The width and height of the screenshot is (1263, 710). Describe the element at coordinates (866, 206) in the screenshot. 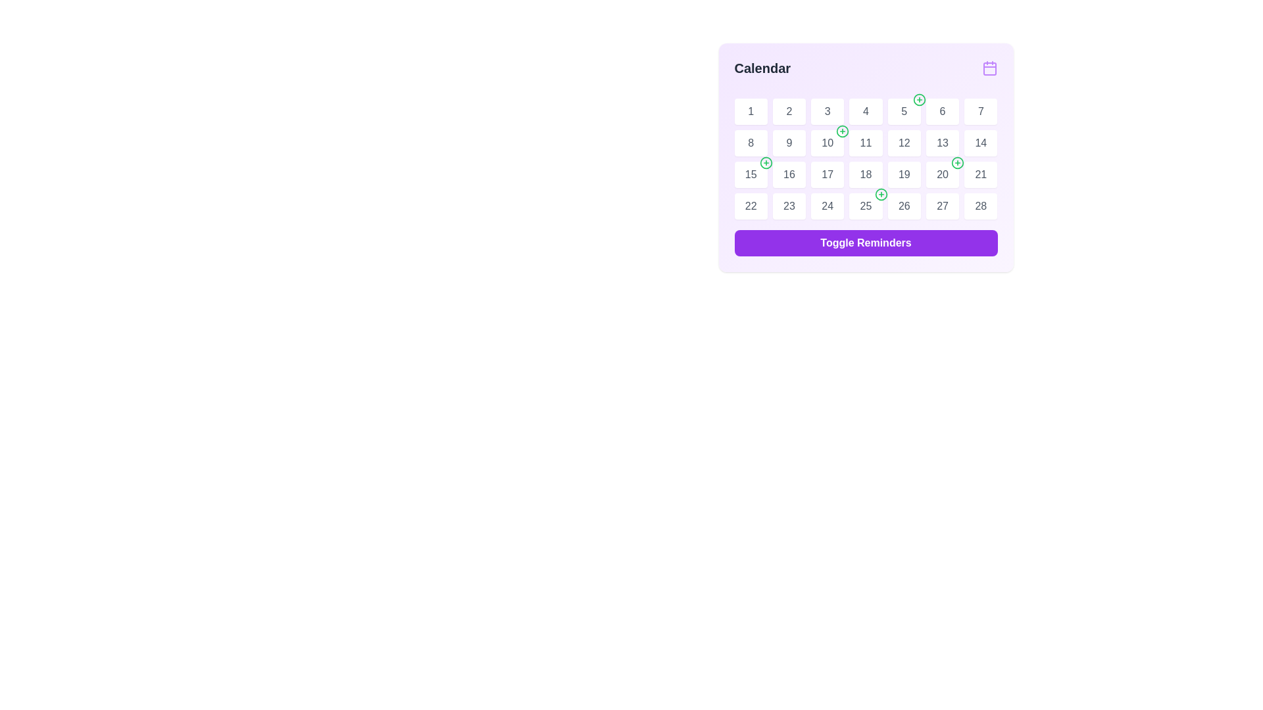

I see `the text label representing the 25th day in the calendar interface, located in the second row and seventh column of the calendar grid` at that location.